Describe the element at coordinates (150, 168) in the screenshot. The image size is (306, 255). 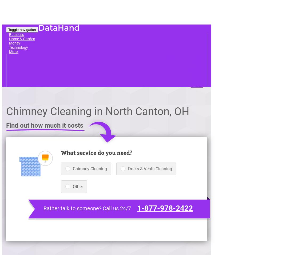
I see `'Ducts & Vents Cleaning'` at that location.